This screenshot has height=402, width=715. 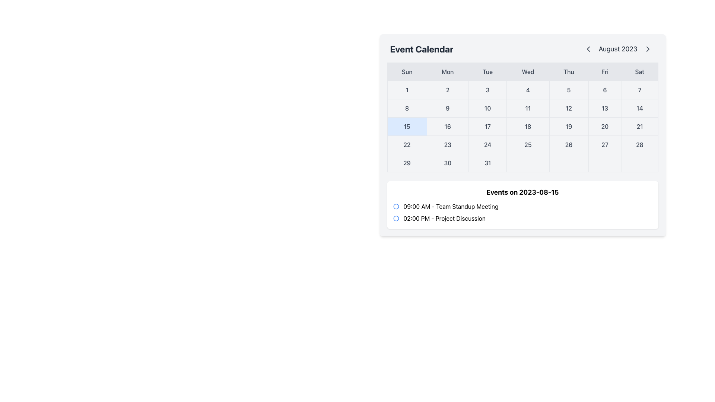 I want to click on the chevron icon pointing to the right, located at the top-right of the calendar interface, so click(x=647, y=49).